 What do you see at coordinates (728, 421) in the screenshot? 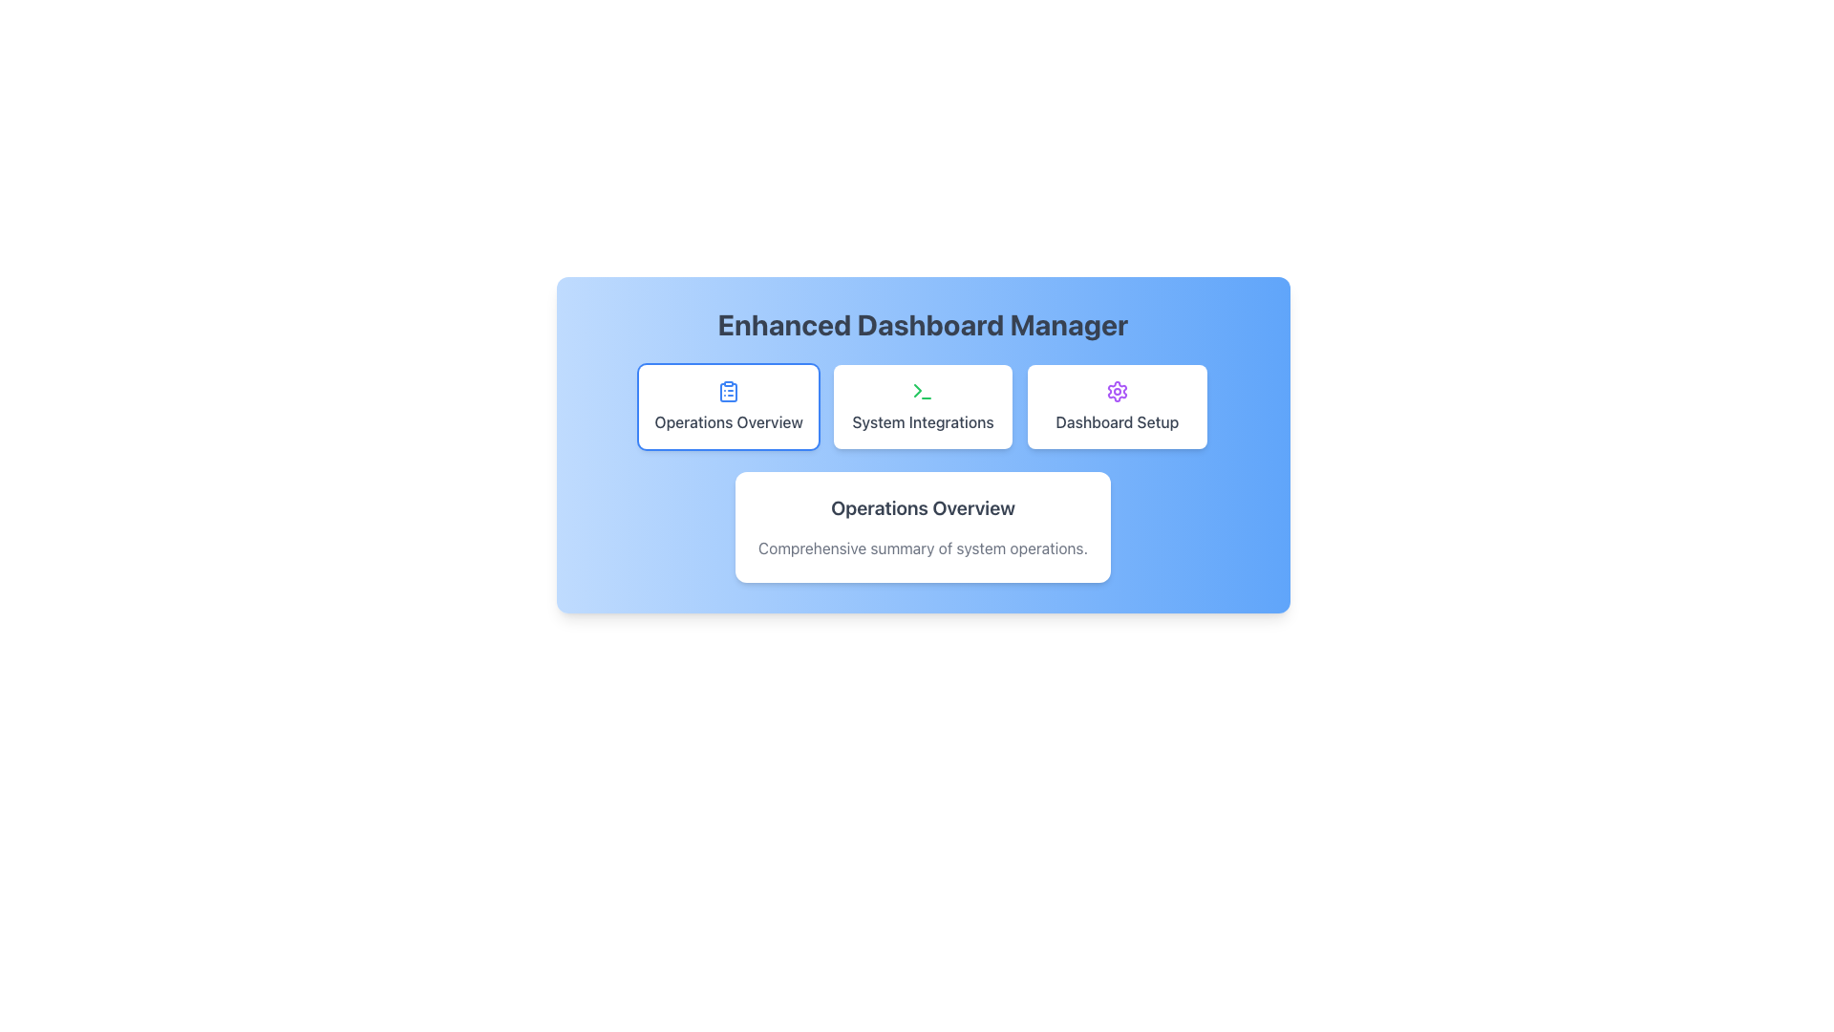
I see `the Text Label that indicates the section of the dashboard, which is located within a white card with rounded corners and below a clipboard list icon` at bounding box center [728, 421].